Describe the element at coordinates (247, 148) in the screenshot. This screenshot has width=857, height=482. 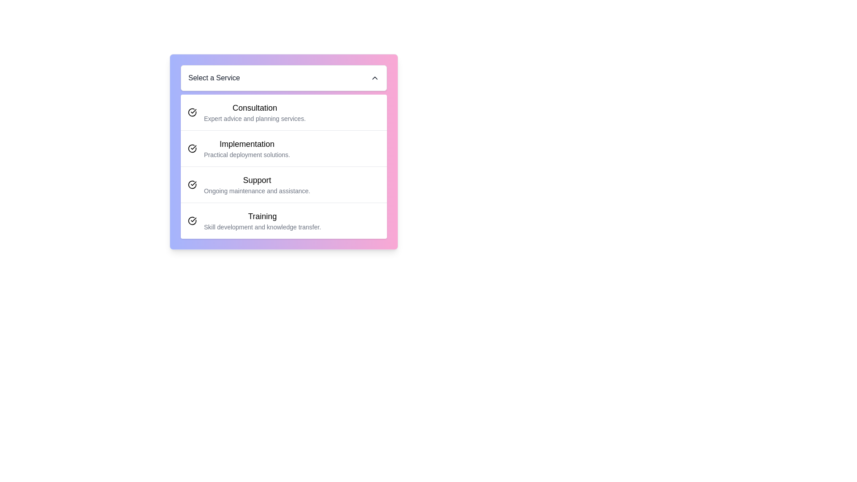
I see `to select the 'Implementation' option from the second row of the menu, which is centered horizontally and follows the 'Consultation' option` at that location.